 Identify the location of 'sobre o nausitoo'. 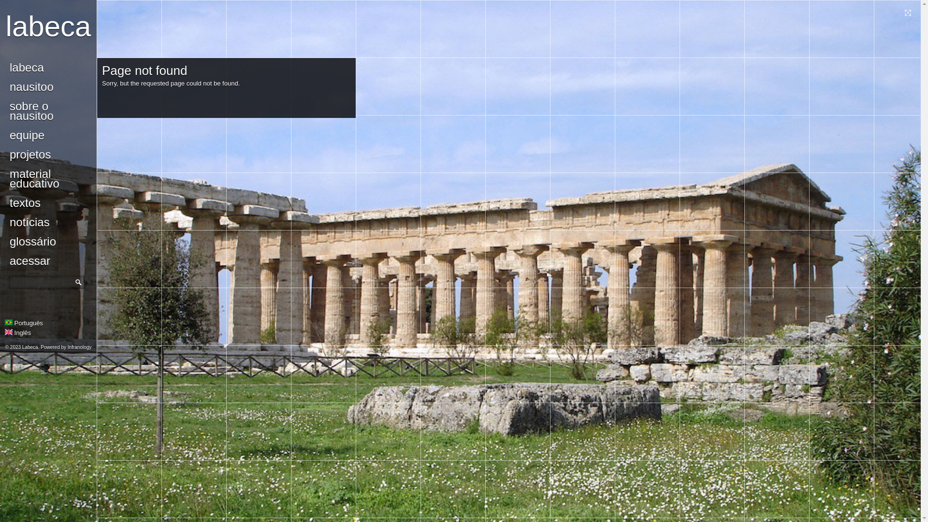
(48, 111).